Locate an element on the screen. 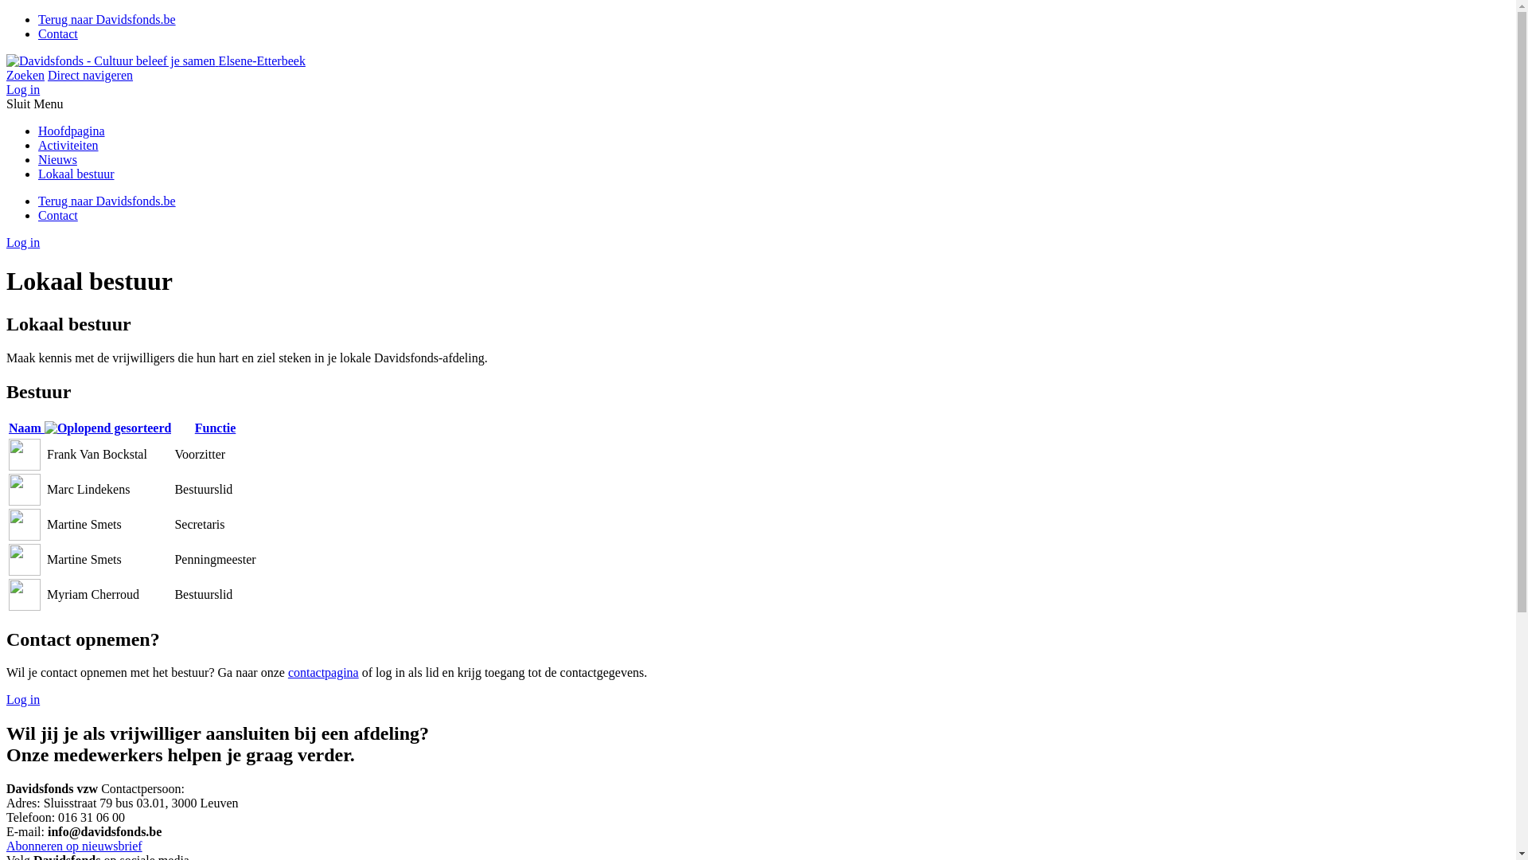  'Direct navigeren' is located at coordinates (89, 75).